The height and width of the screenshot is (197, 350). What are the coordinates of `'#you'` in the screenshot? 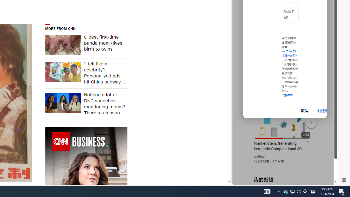 It's located at (283, 120).